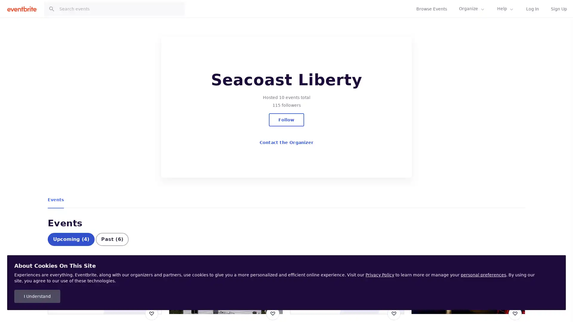  Describe the element at coordinates (286, 120) in the screenshot. I see `Follow` at that location.